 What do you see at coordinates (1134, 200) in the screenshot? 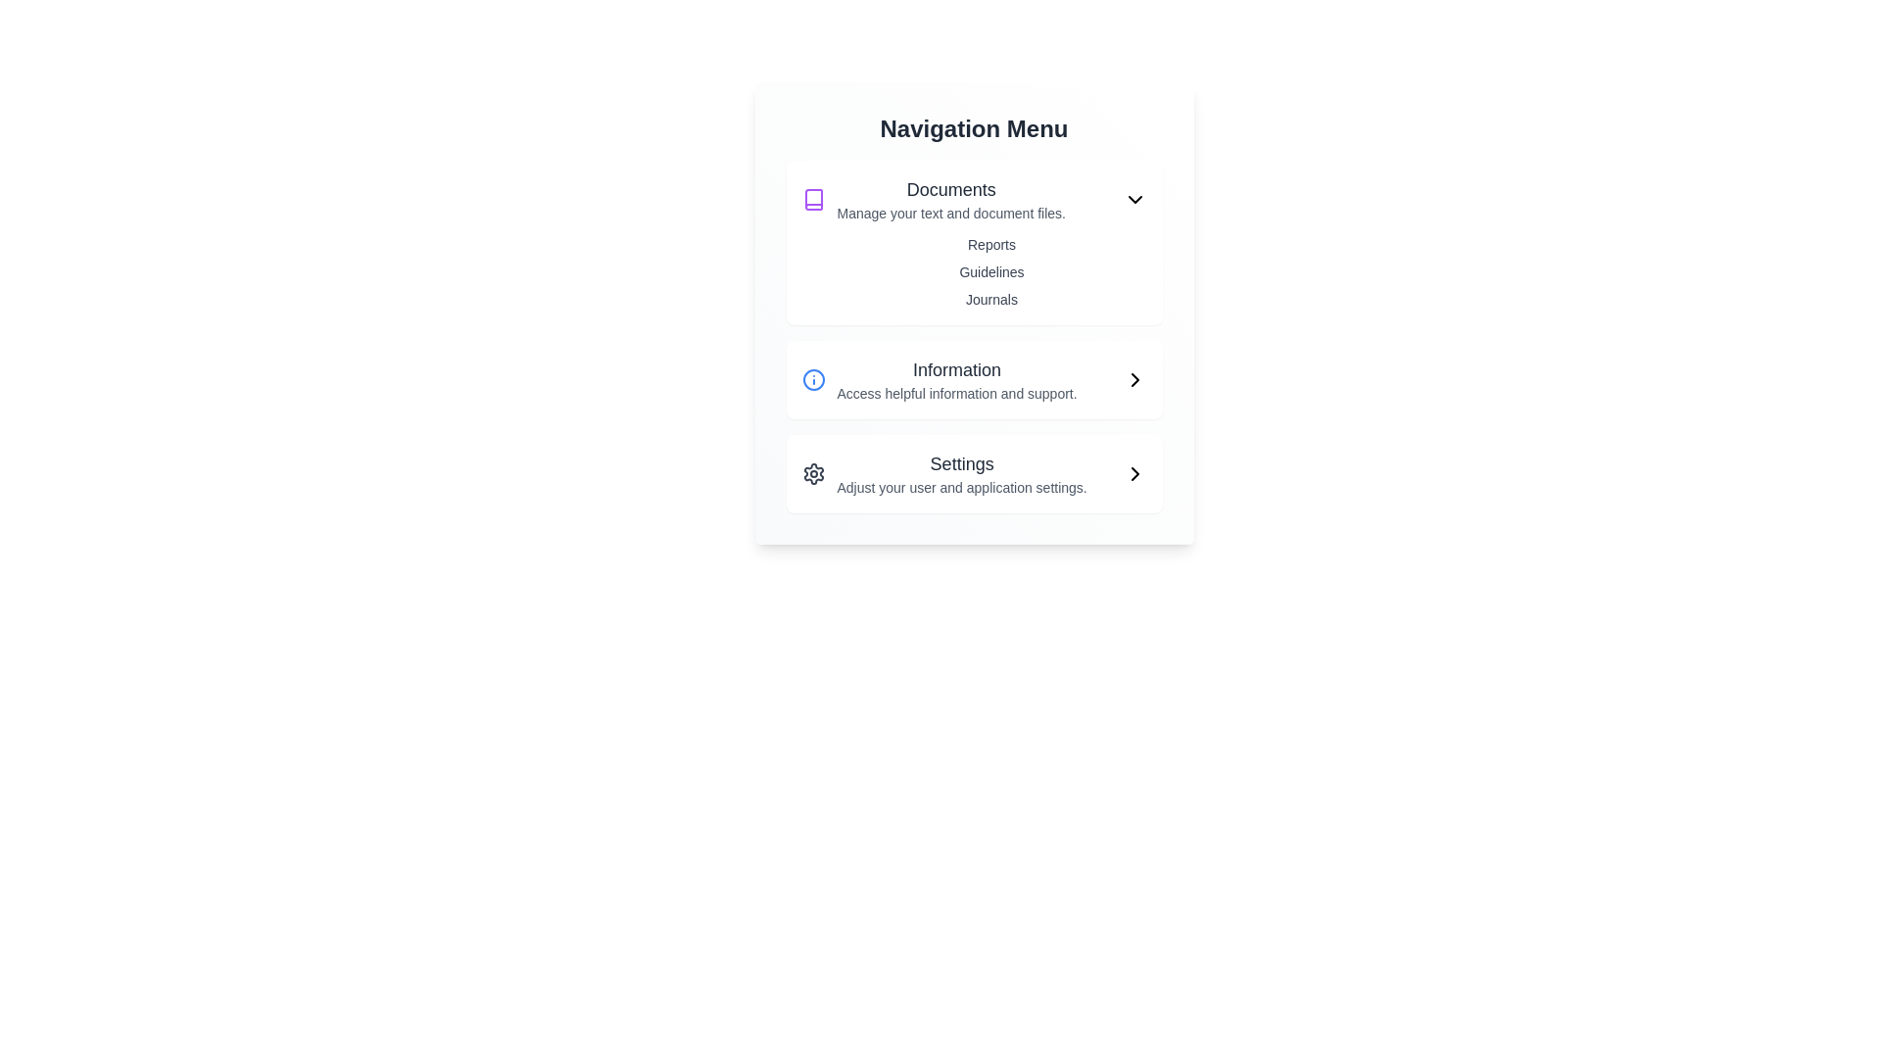
I see `the decorative chevron icon at the far right of the 'Documents' section` at bounding box center [1134, 200].